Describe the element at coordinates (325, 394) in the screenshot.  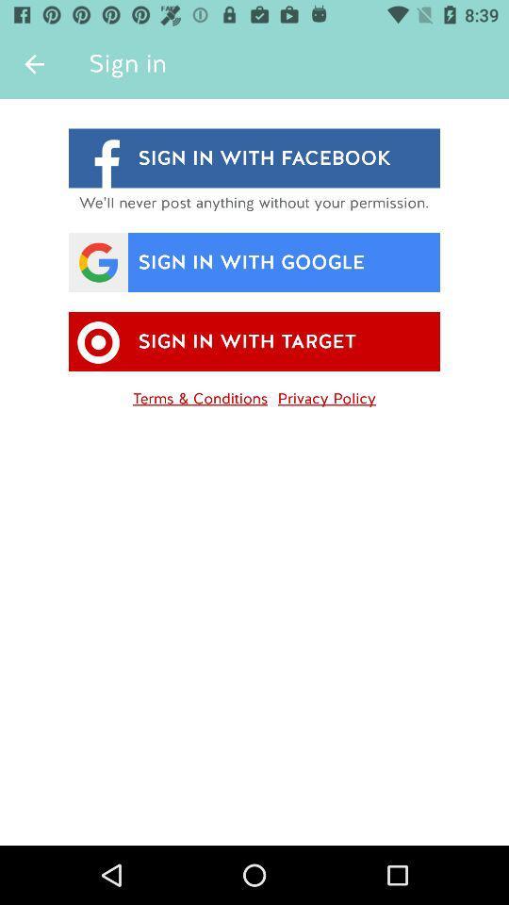
I see `icon below the sign in with icon` at that location.